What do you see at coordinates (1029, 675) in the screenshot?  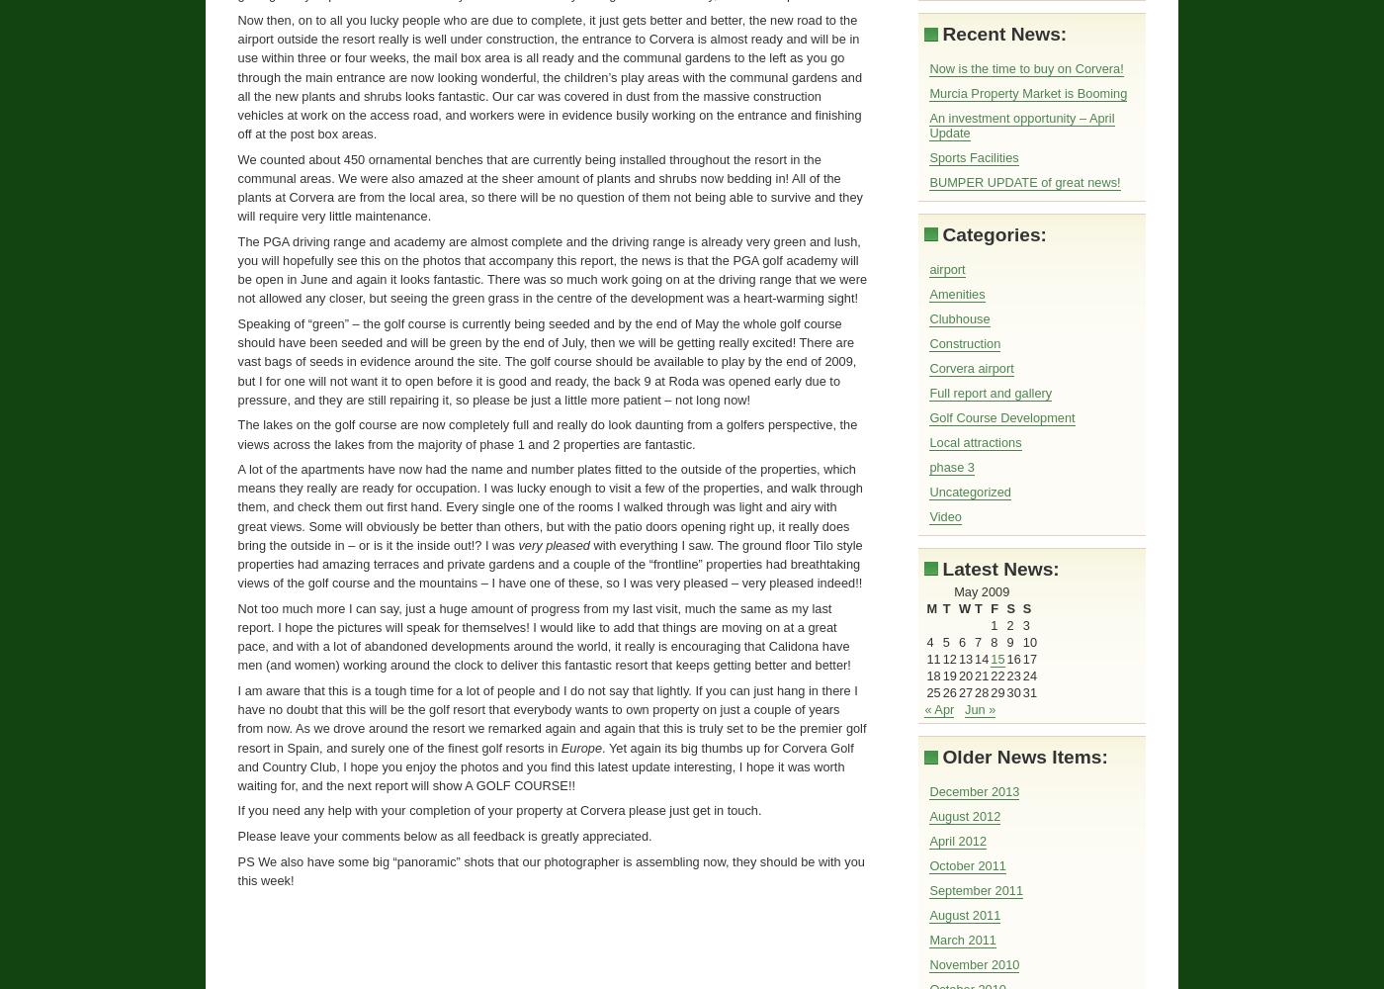 I see `'24'` at bounding box center [1029, 675].